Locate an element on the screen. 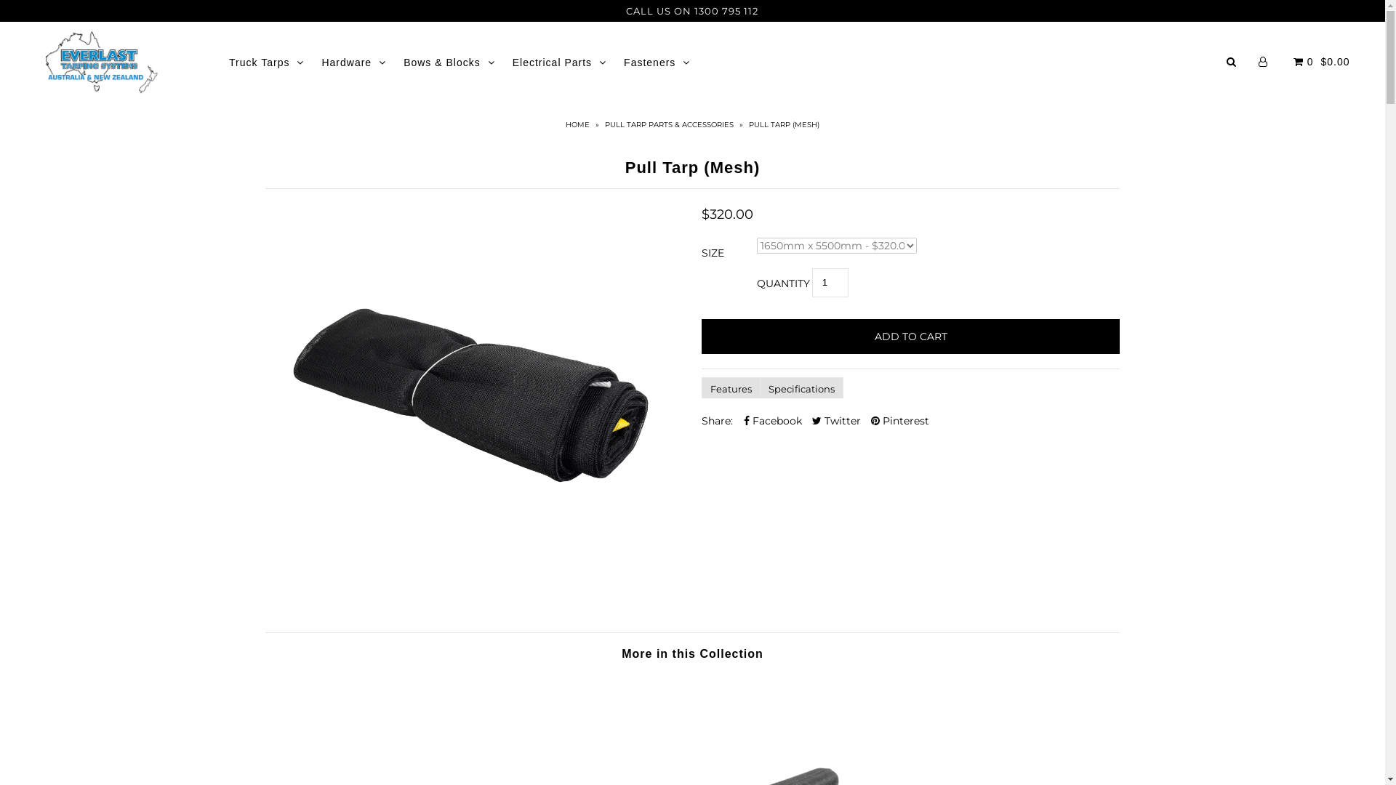 Image resolution: width=1396 pixels, height=785 pixels. 'Pinterest' is located at coordinates (899, 420).